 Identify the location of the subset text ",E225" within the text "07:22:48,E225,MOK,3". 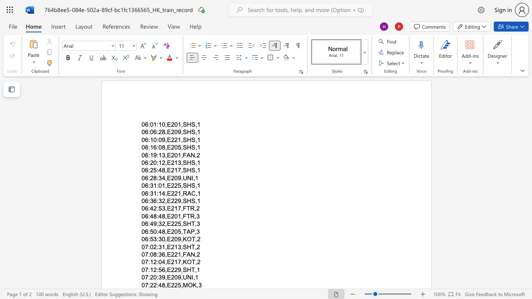
(165, 284).